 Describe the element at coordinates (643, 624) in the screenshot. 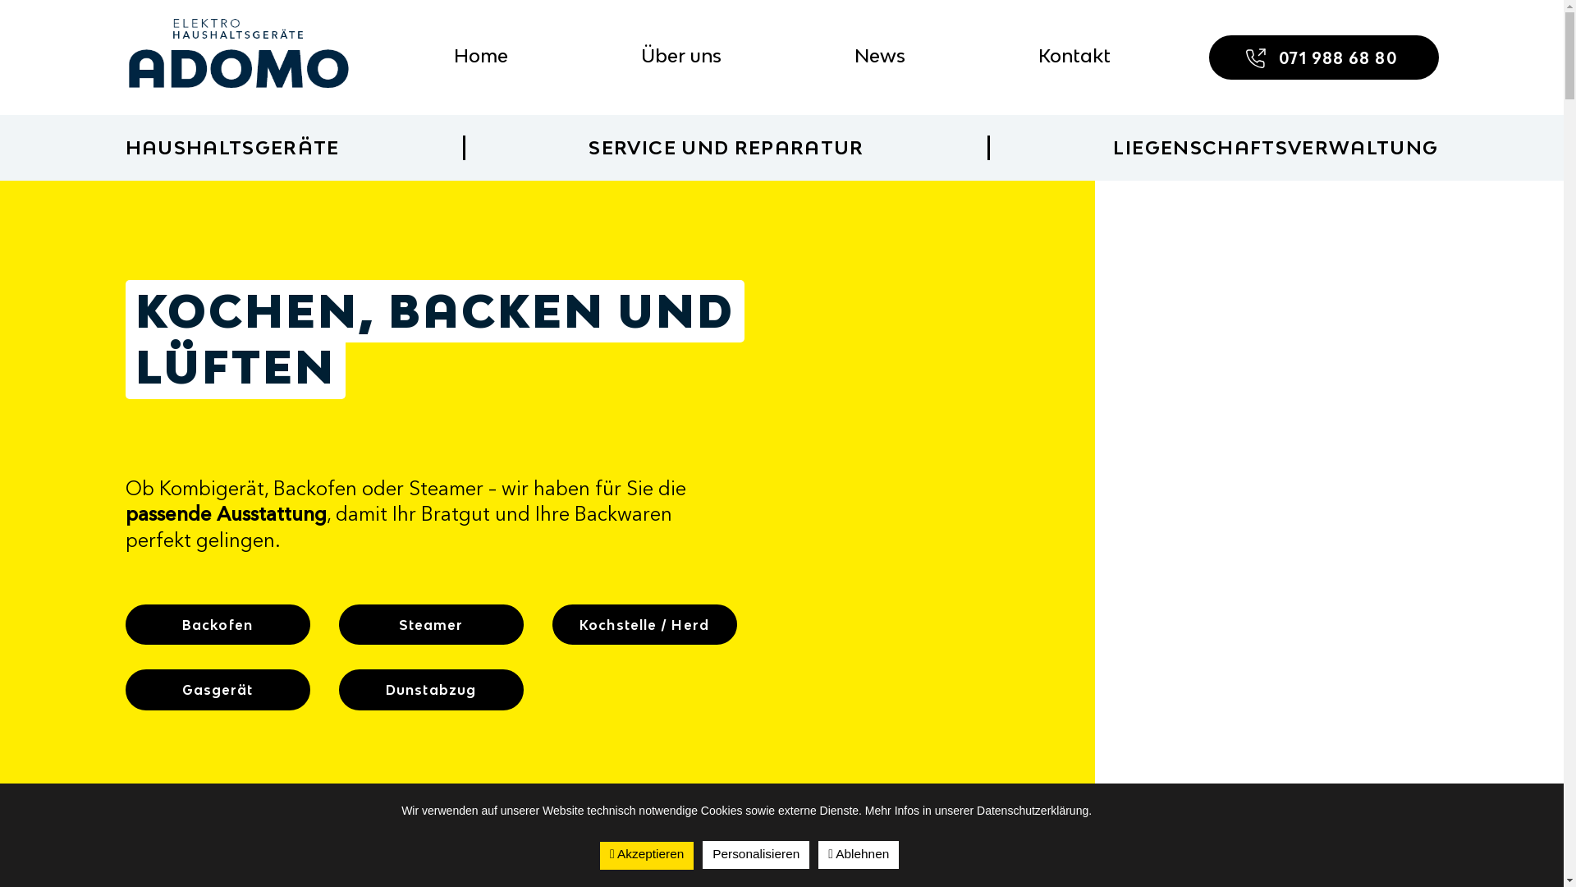

I see `'Kochstelle / Herd'` at that location.